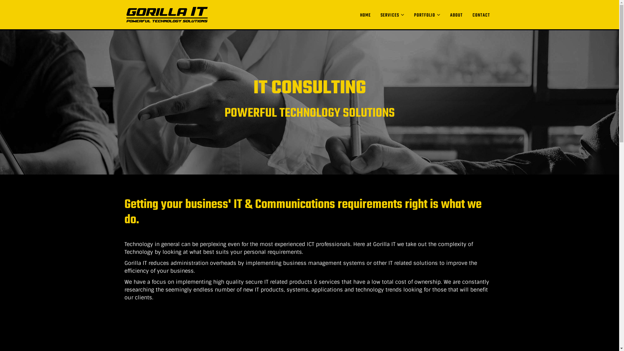 This screenshot has width=624, height=351. Describe the element at coordinates (456, 15) in the screenshot. I see `'ABOUT'` at that location.